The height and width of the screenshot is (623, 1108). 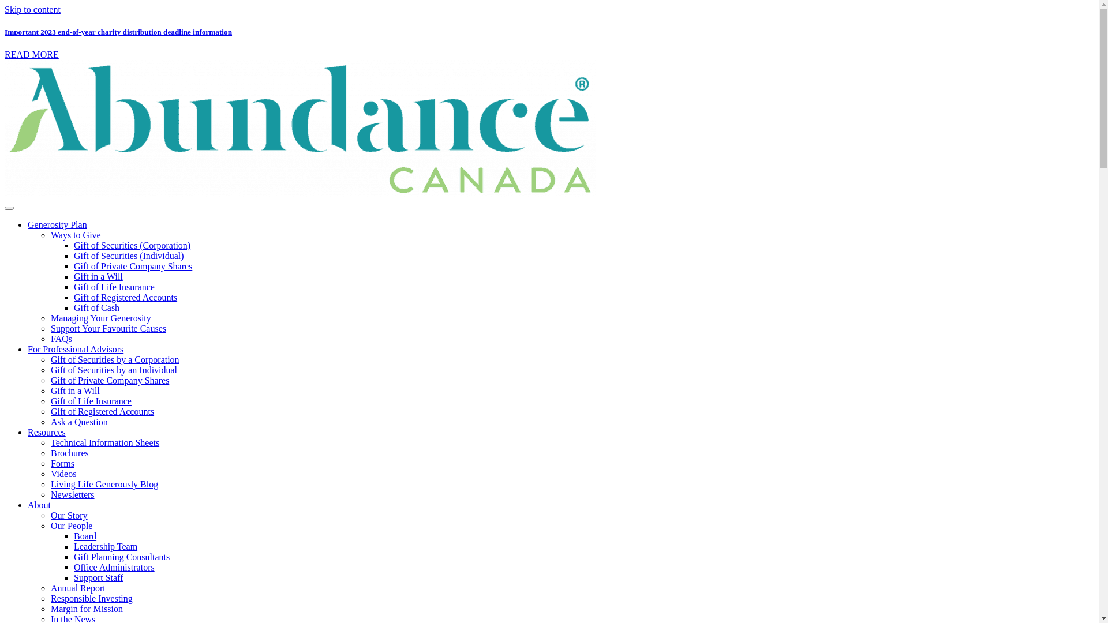 What do you see at coordinates (75, 234) in the screenshot?
I see `'Ways to Give'` at bounding box center [75, 234].